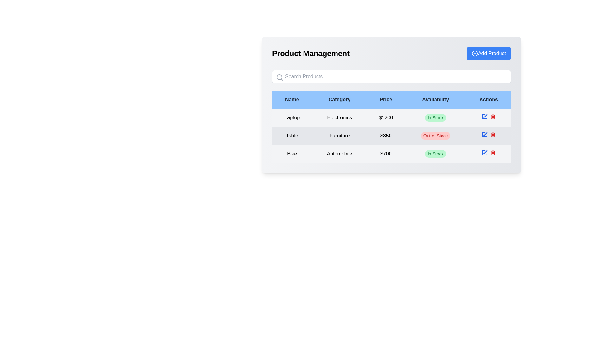 This screenshot has width=609, height=342. I want to click on the 'In Stock' display badge, which is a small, rounded badge with a light green background and dark green text, located in the 'Availability' column of the table for the 'Bike' product entry, so click(435, 154).